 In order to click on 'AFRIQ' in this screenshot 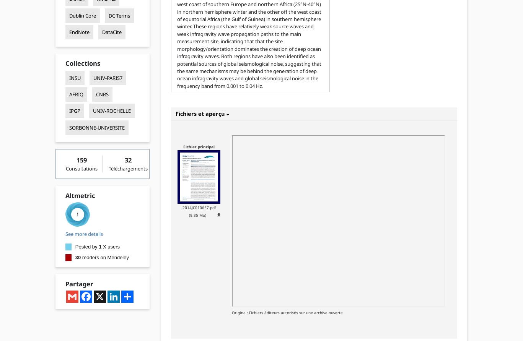, I will do `click(75, 94)`.